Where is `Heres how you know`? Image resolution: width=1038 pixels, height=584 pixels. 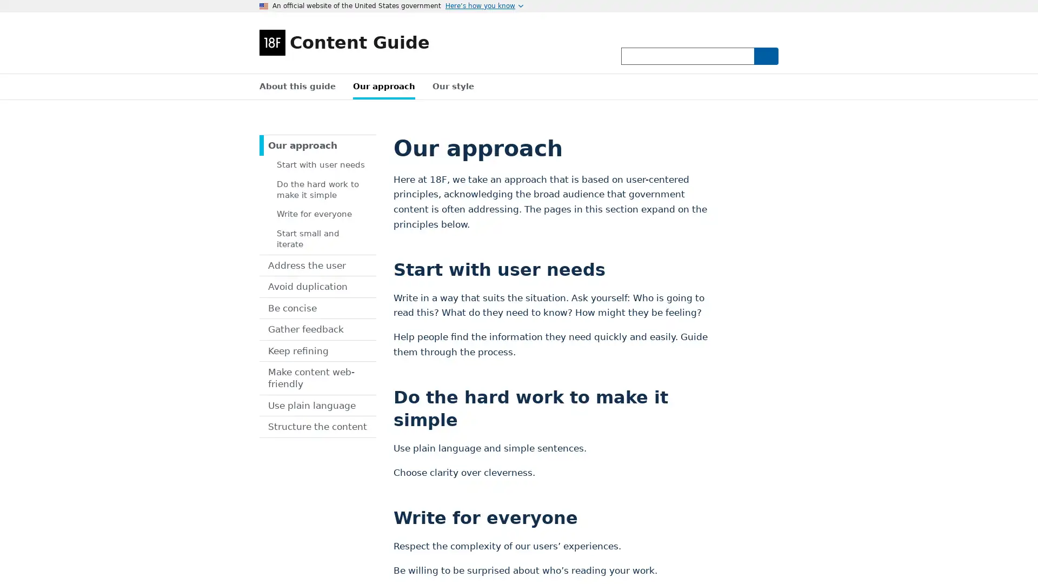
Heres how you know is located at coordinates (484, 6).